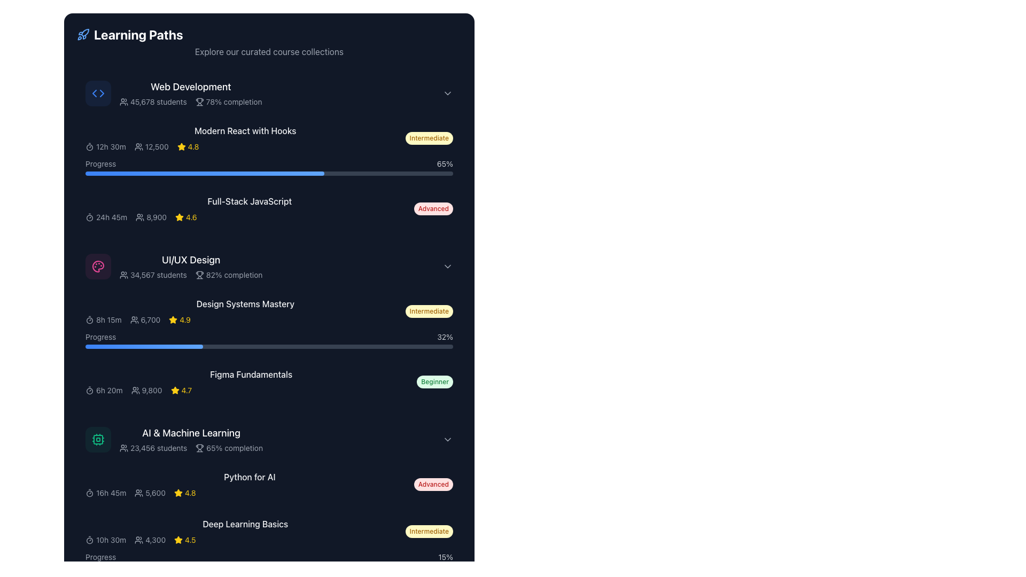 Image resolution: width=1026 pixels, height=577 pixels. I want to click on the displayed information on the Information Display Panel located below the title of the 'Modern React with Hooks' course section, so click(245, 146).